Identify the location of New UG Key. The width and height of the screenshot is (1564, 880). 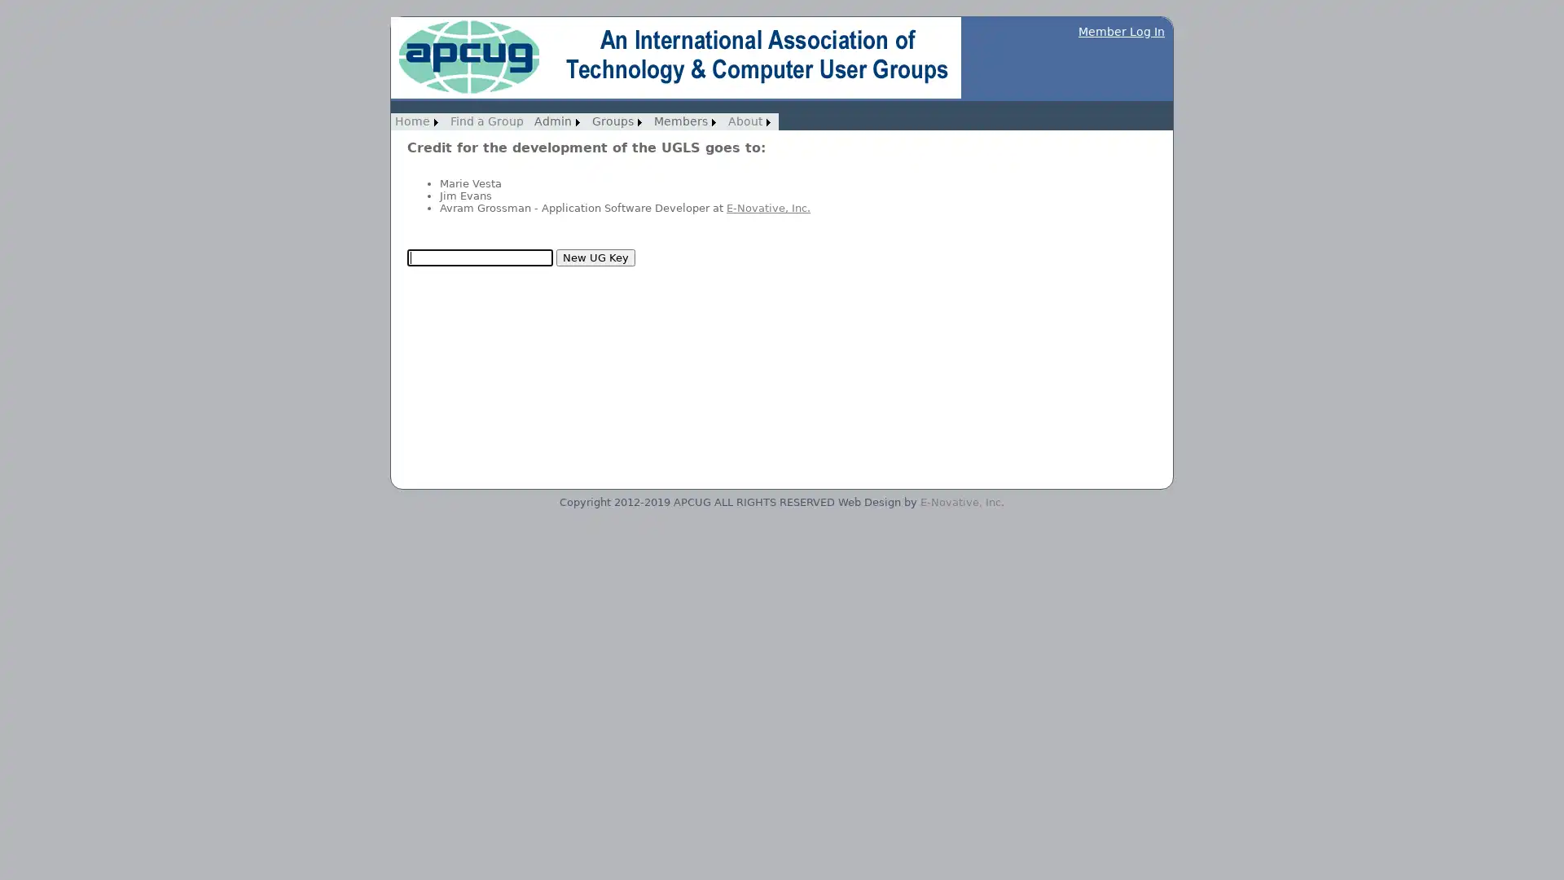
(595, 257).